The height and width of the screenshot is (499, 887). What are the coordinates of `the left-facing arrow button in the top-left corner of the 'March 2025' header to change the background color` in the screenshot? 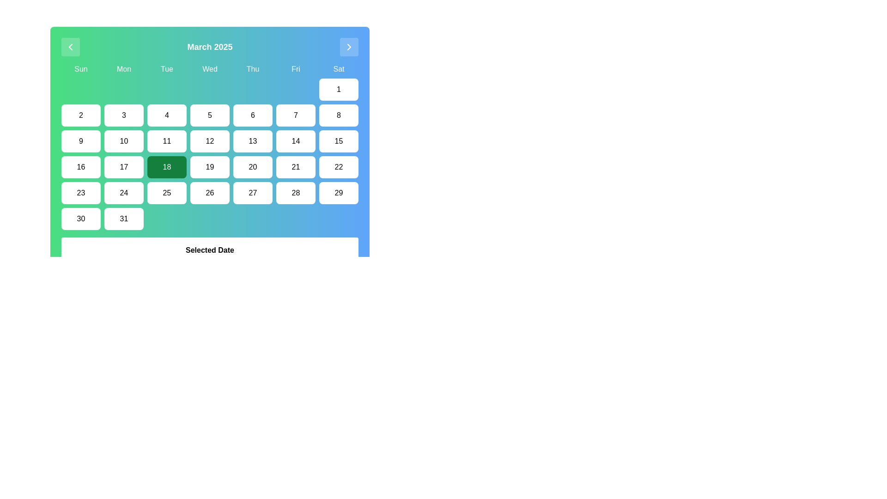 It's located at (70, 47).